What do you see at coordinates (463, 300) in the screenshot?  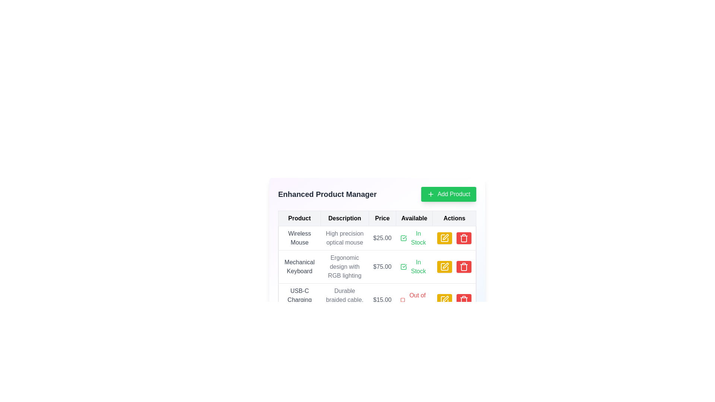 I see `the red button with a white trash can icon located in the 'Actions' column of the table corresponding to the product 'USB-C Charging Cable'` at bounding box center [463, 300].